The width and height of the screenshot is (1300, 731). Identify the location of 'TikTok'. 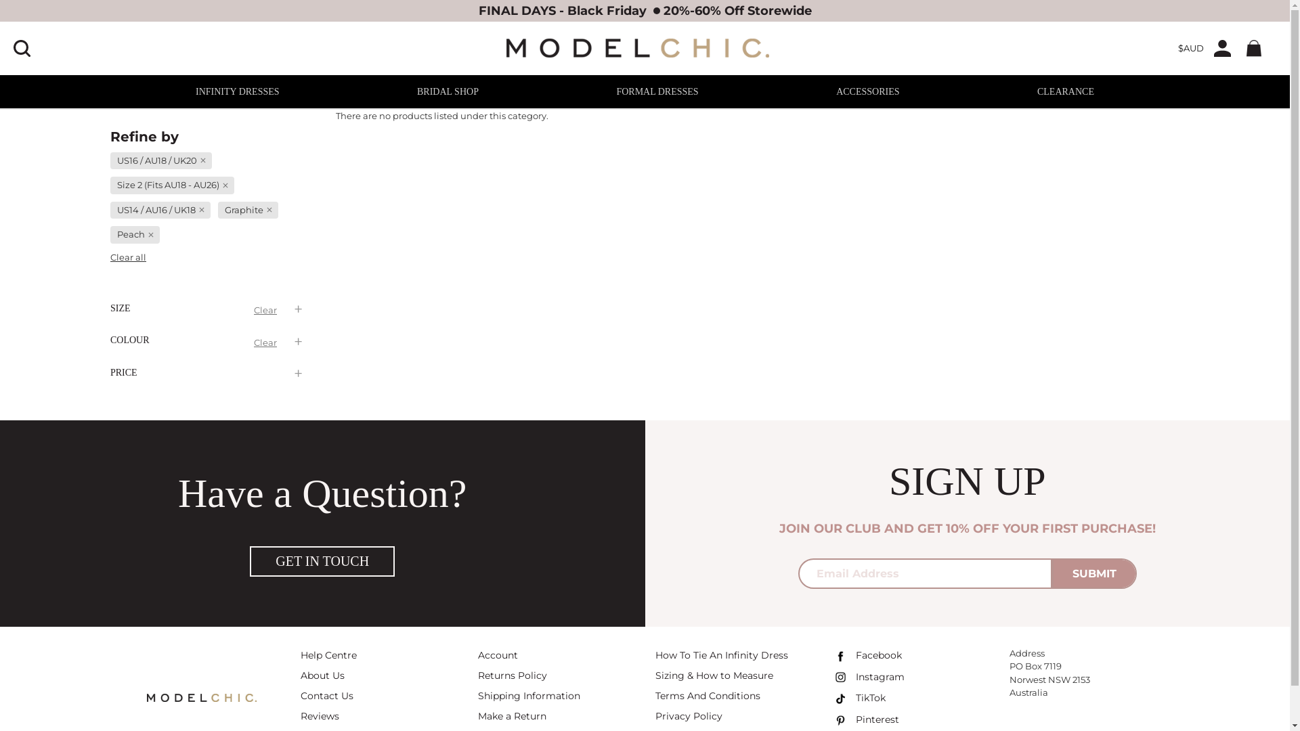
(858, 700).